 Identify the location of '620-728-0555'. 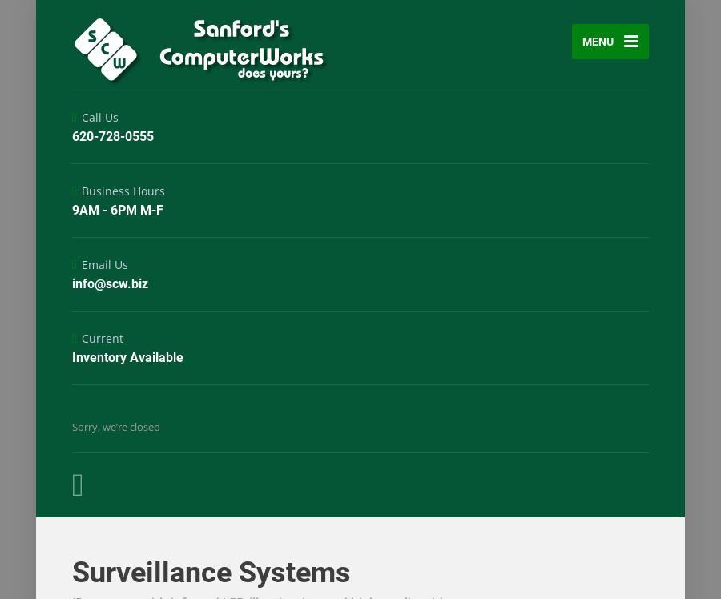
(113, 135).